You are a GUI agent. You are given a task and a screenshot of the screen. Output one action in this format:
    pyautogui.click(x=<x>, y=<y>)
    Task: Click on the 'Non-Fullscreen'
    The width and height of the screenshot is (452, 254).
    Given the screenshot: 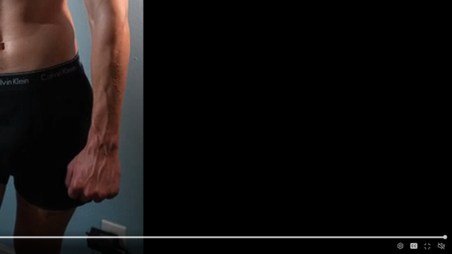 What is the action you would take?
    pyautogui.click(x=427, y=246)
    